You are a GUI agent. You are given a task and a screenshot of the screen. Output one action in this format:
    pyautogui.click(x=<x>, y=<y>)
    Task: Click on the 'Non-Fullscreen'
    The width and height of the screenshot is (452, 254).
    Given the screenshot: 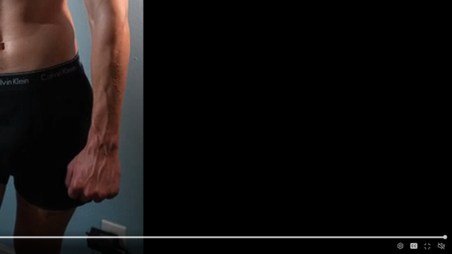 What is the action you would take?
    pyautogui.click(x=427, y=246)
    